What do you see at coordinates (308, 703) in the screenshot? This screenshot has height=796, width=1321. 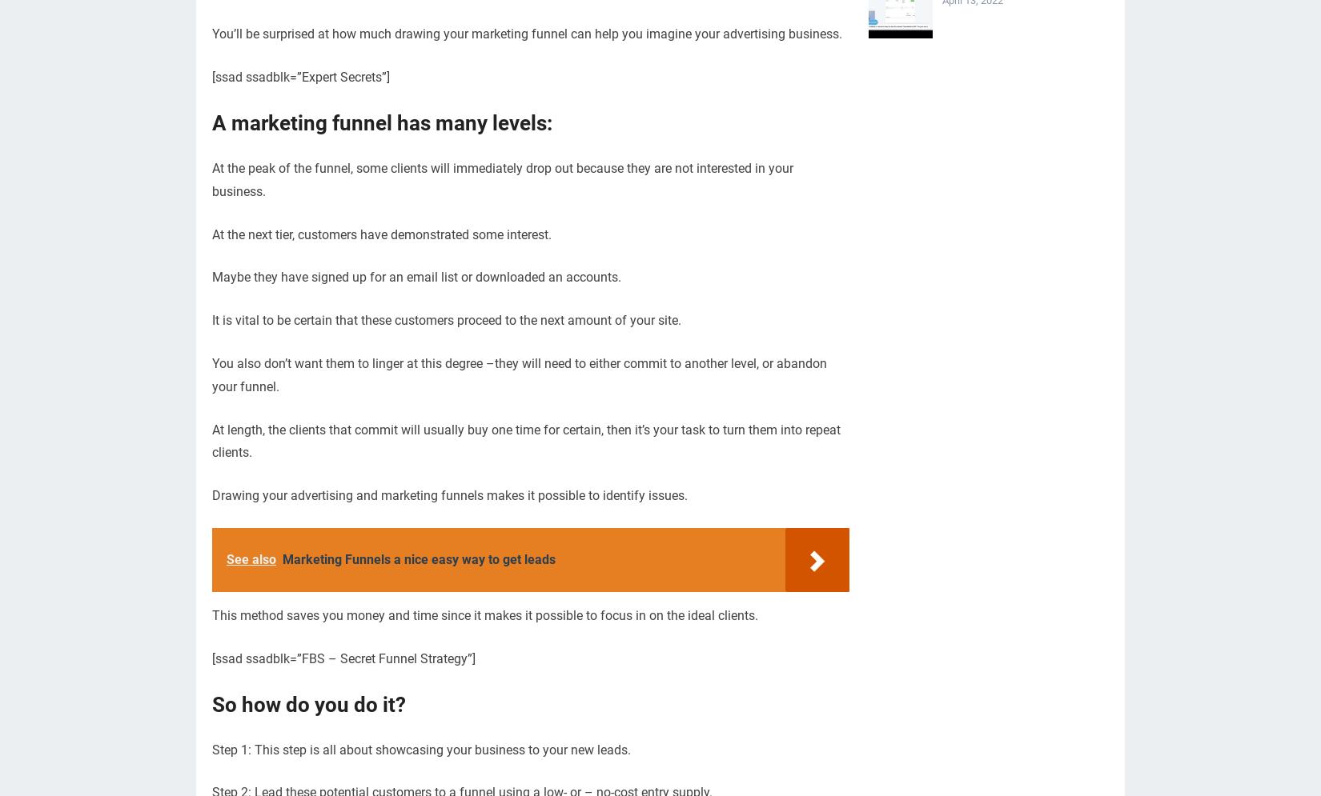 I see `'So how do you do it?'` at bounding box center [308, 703].